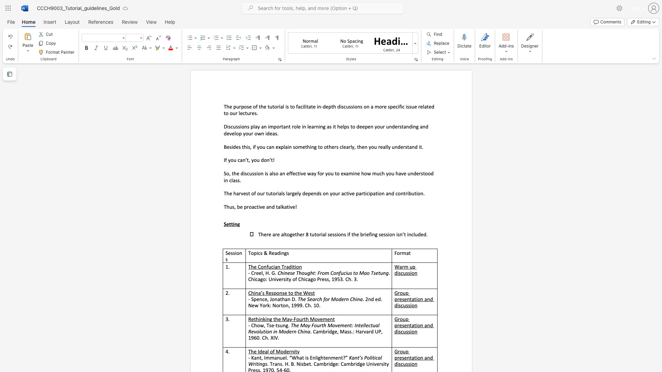  I want to click on the subset text "ting" within the text "Kant’s Political Writings", so click(256, 363).